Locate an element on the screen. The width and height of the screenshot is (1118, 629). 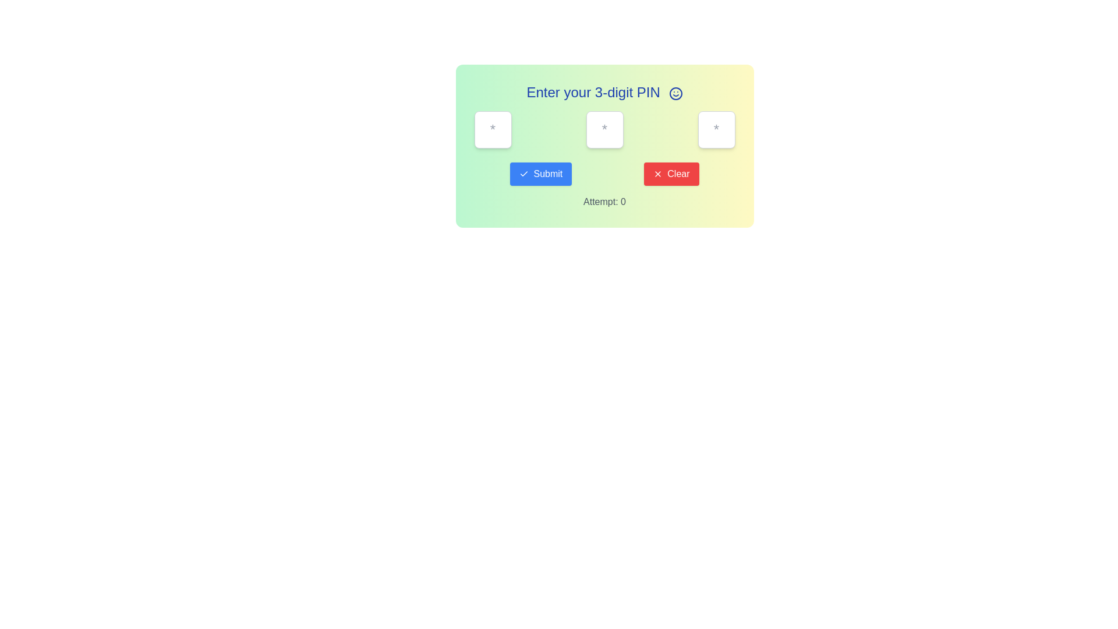
the SVG graphic of a checkmark located within the 'Submit' button, which indicates submission or confirmation is located at coordinates (523, 174).